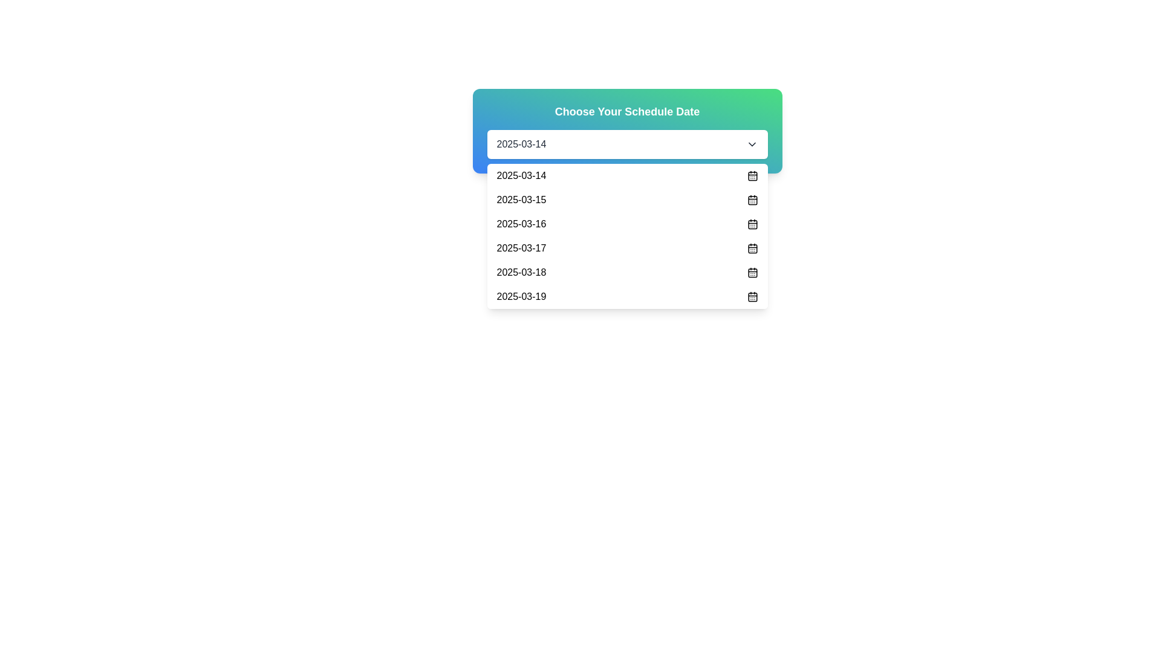 The width and height of the screenshot is (1161, 653). Describe the element at coordinates (627, 236) in the screenshot. I see `the dropdown menu item labeled '2025-03-16'` at that location.